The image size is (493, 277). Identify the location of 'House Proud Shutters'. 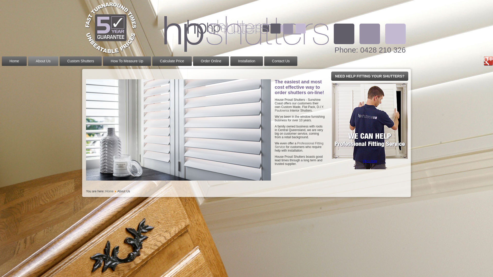
(110, 28).